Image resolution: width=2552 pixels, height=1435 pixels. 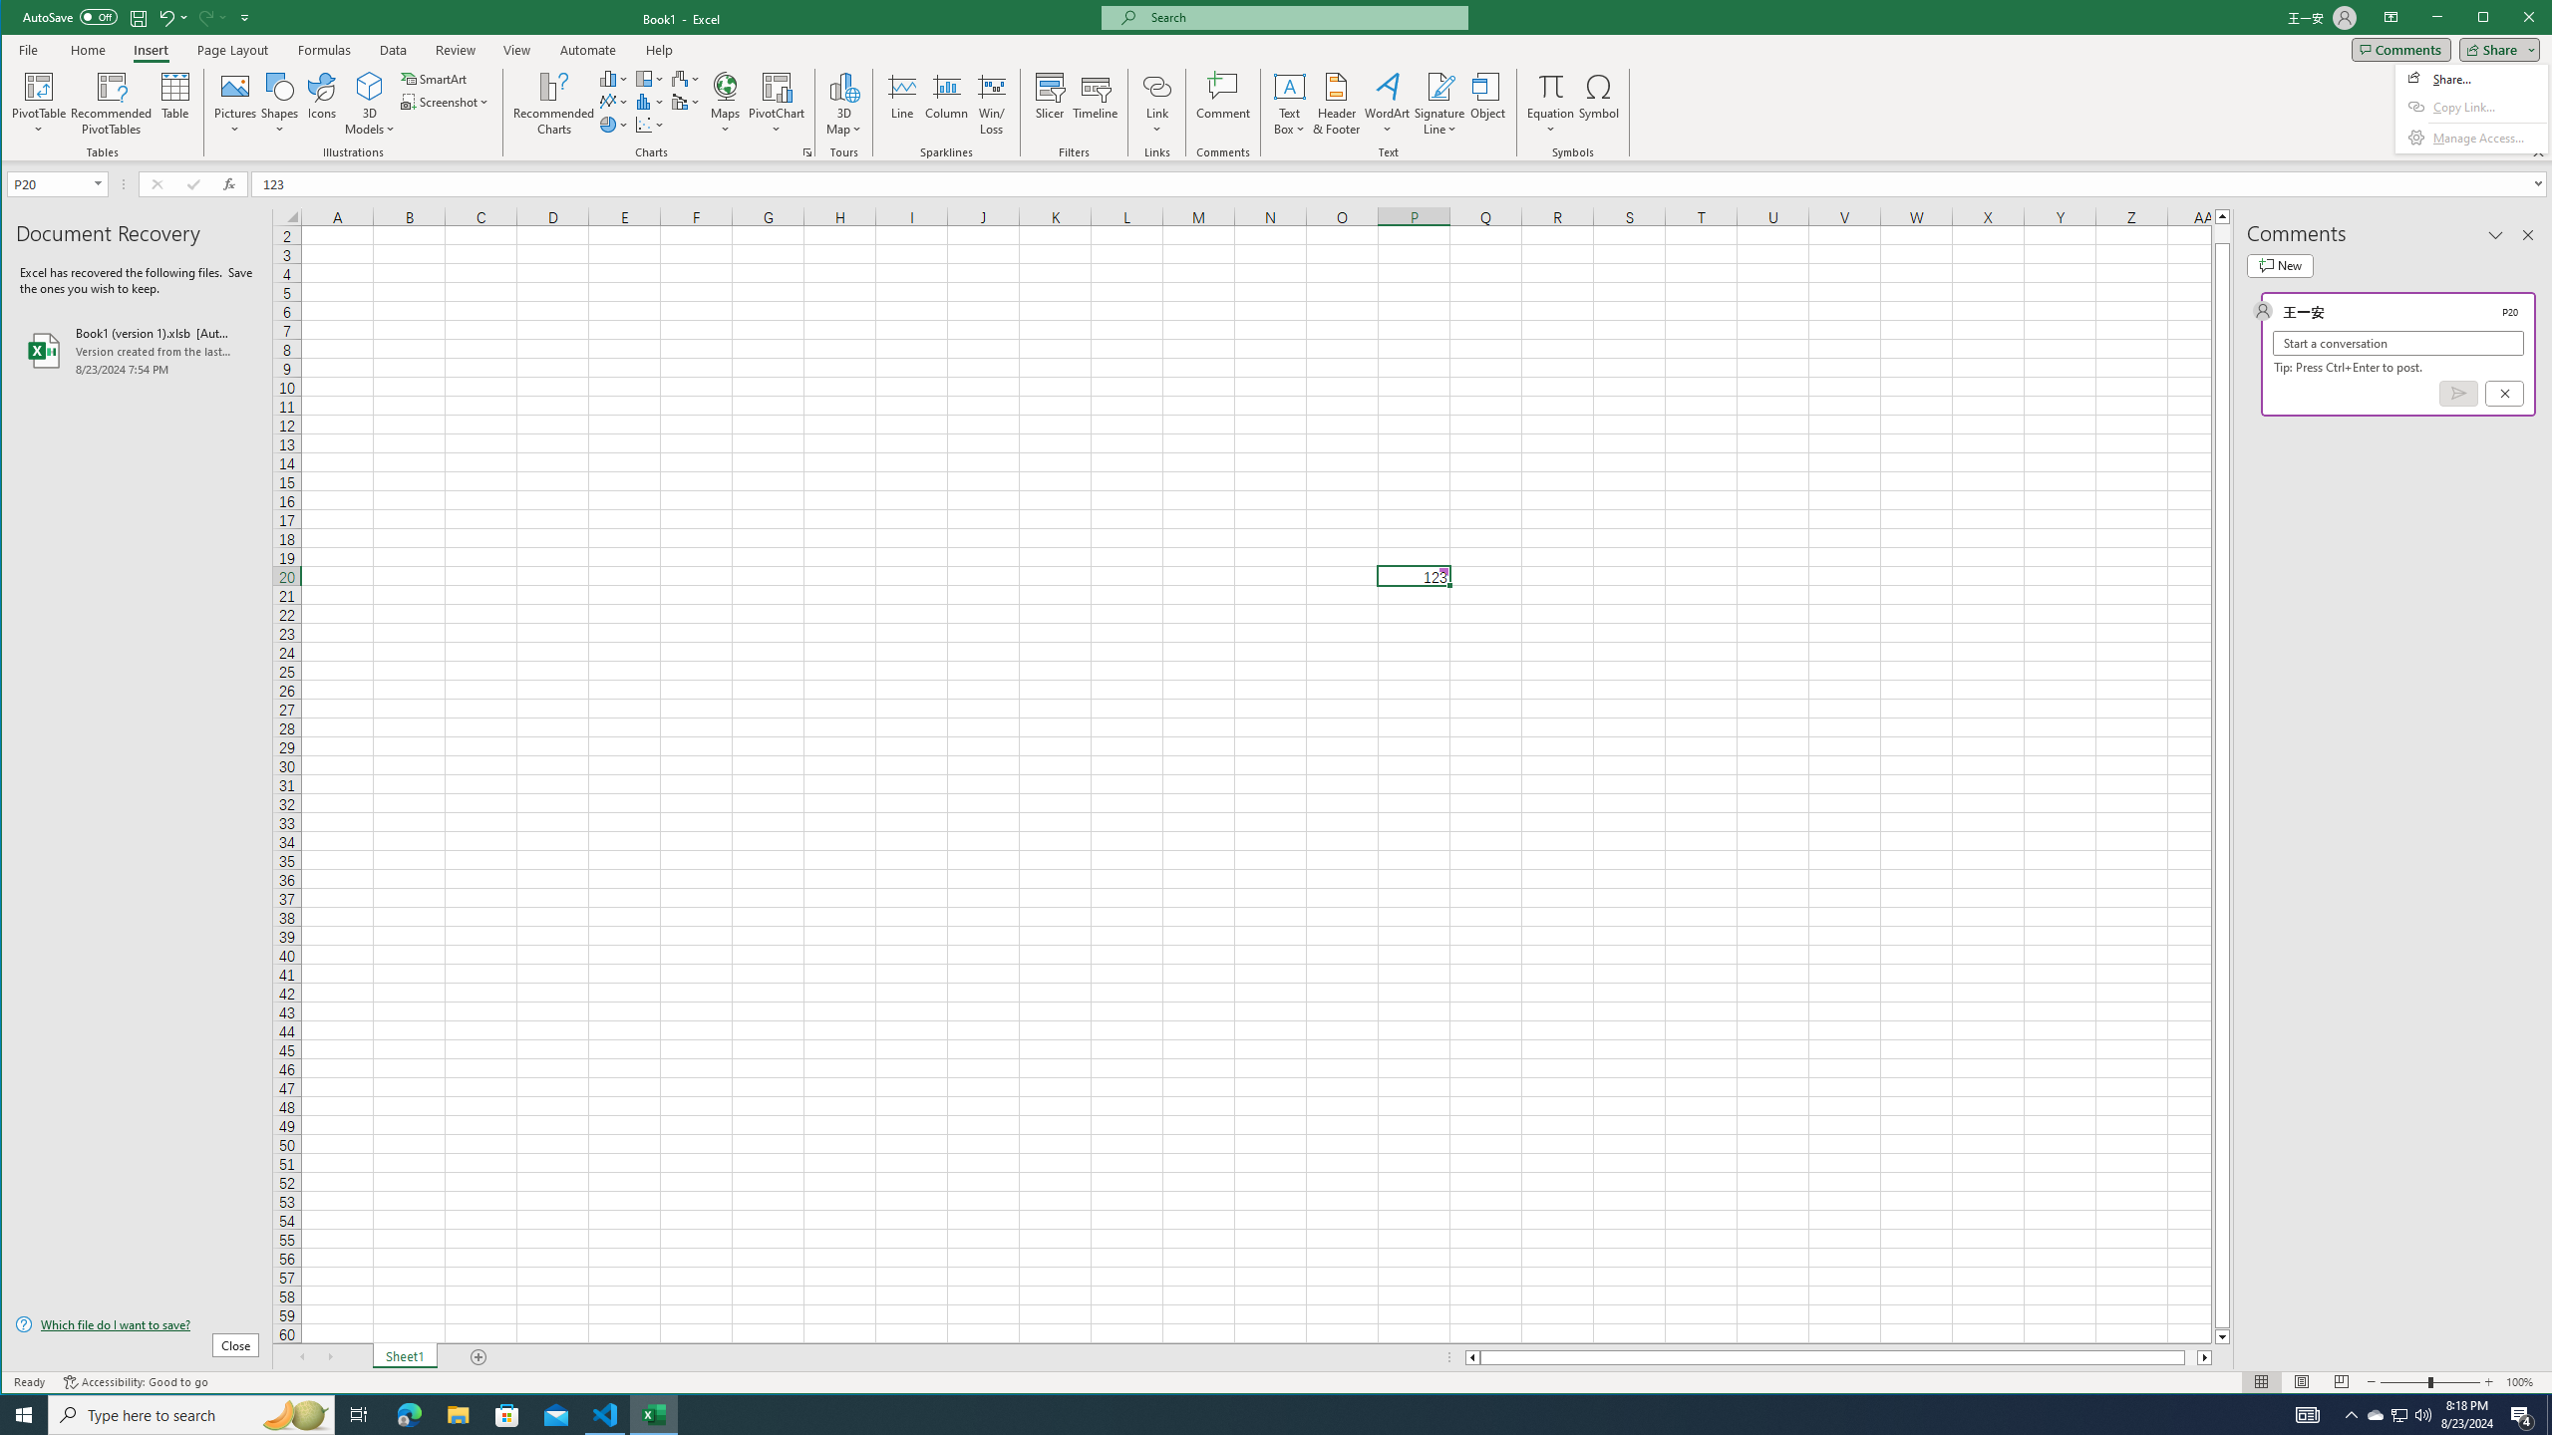 I want to click on 'Link', so click(x=1155, y=103).